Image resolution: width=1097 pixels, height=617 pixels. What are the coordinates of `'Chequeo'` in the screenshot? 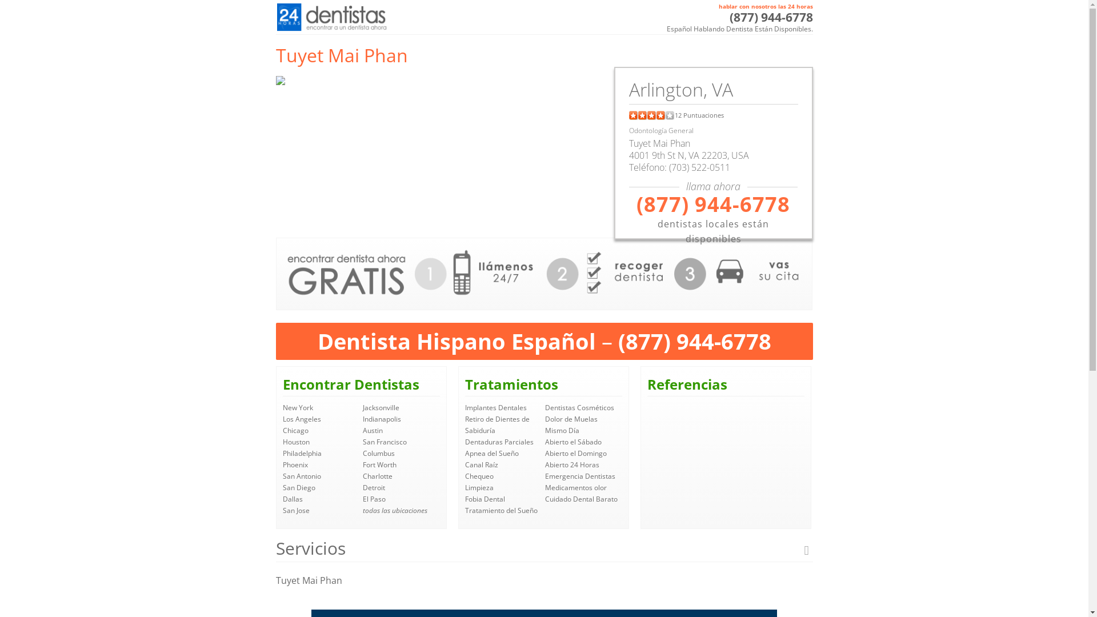 It's located at (479, 476).